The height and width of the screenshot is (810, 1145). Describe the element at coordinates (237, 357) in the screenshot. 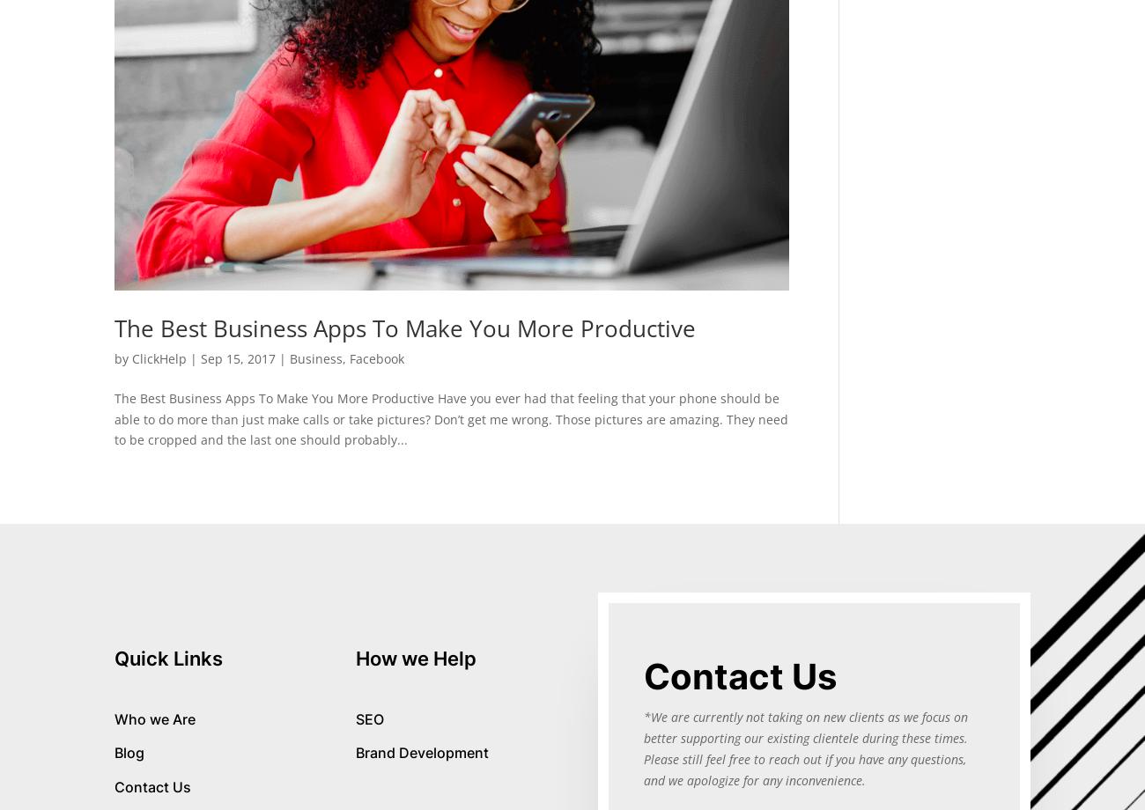

I see `'Sep 15, 2017'` at that location.